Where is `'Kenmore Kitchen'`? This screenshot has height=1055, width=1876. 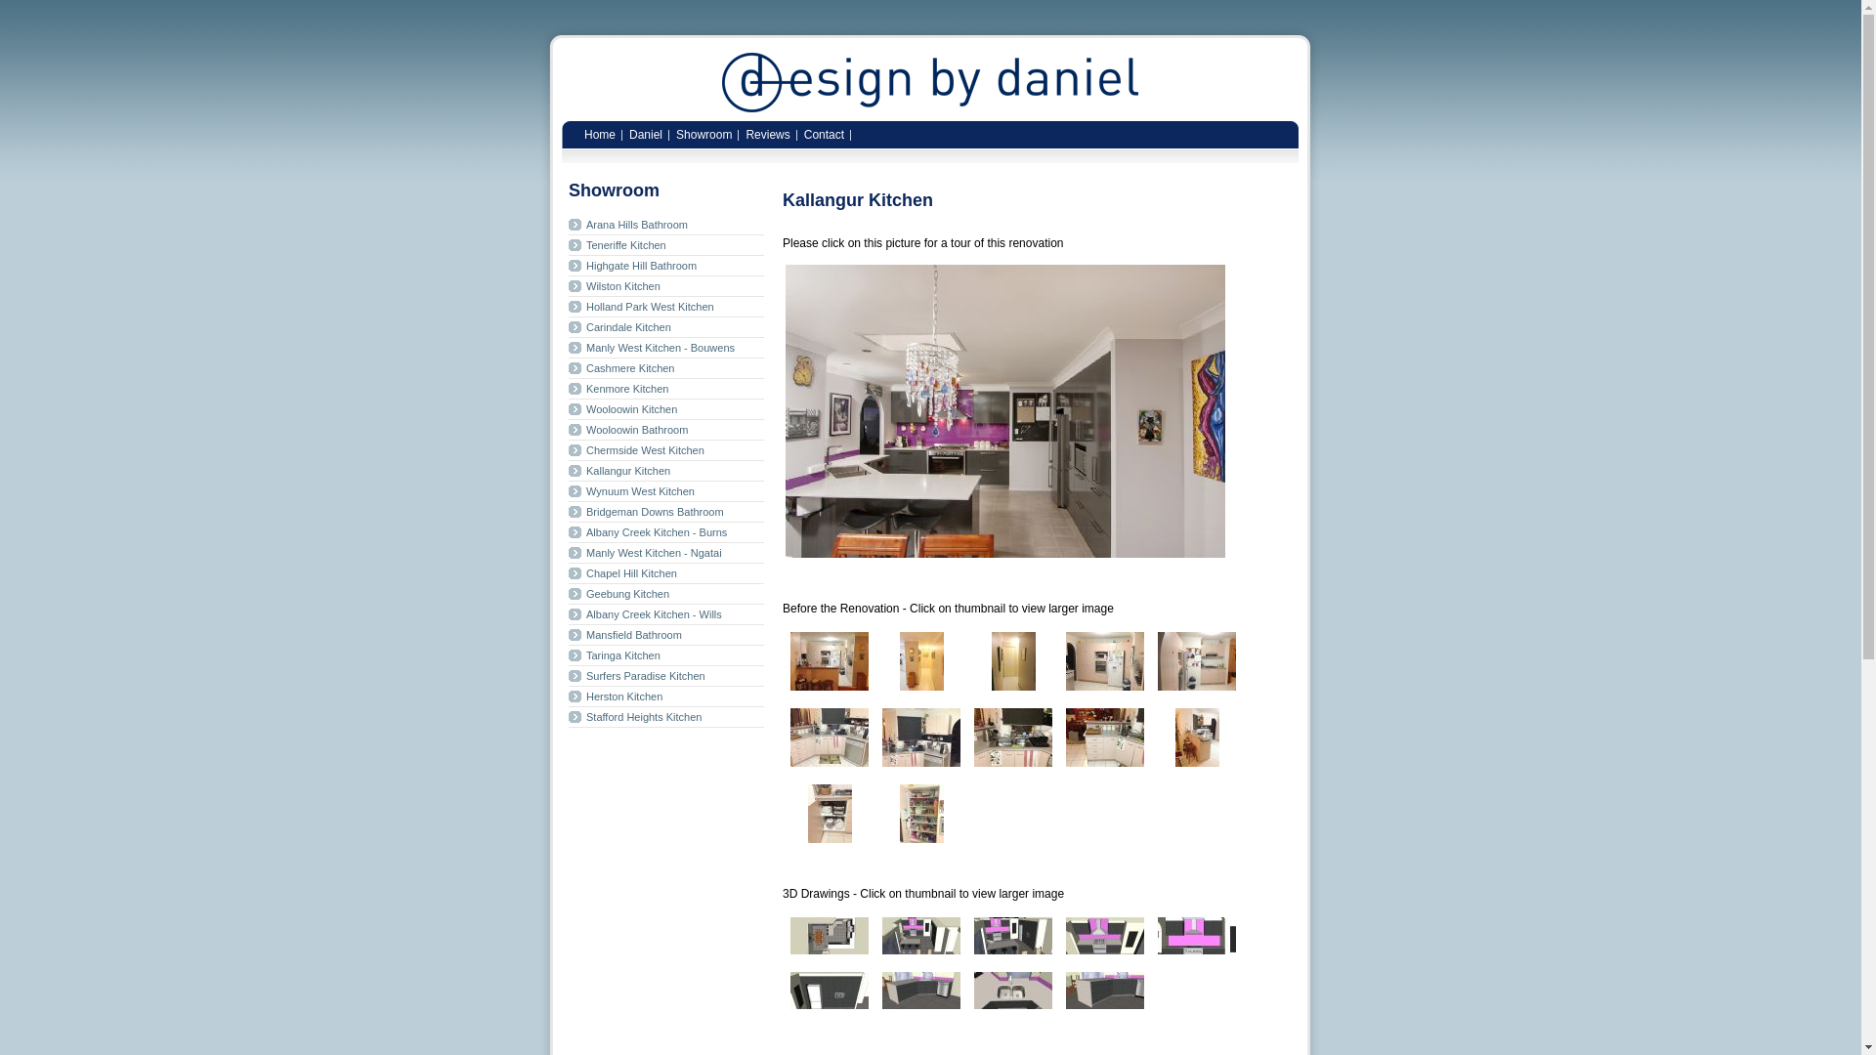 'Kenmore Kitchen' is located at coordinates (665, 389).